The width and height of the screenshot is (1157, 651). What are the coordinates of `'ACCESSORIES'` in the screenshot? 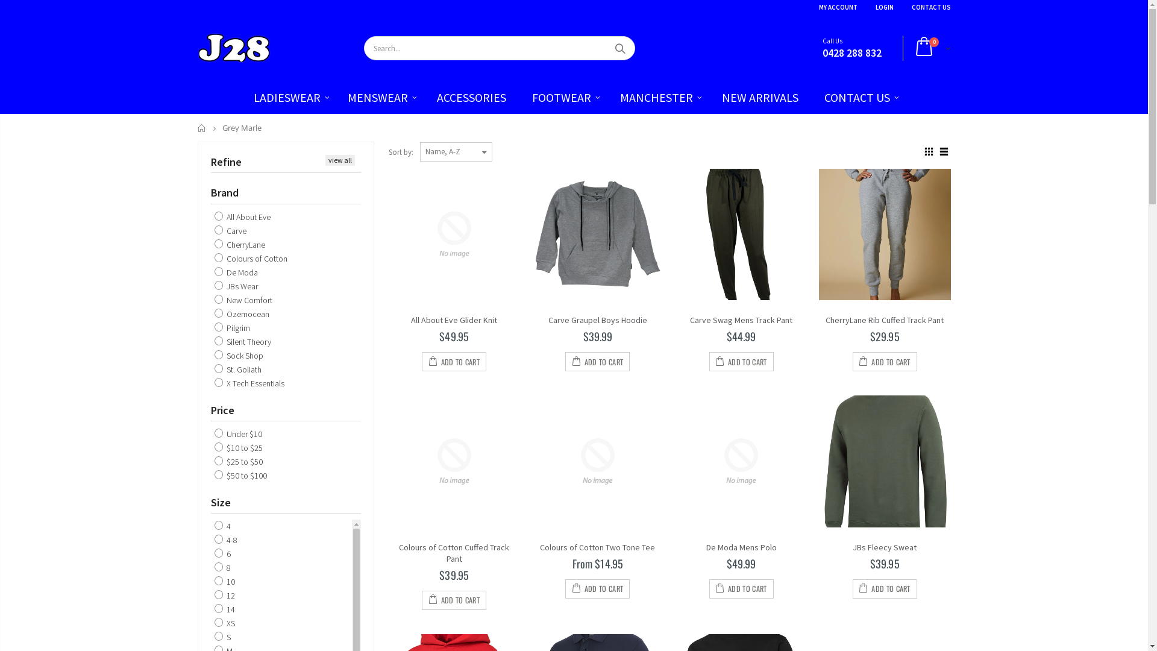 It's located at (470, 97).